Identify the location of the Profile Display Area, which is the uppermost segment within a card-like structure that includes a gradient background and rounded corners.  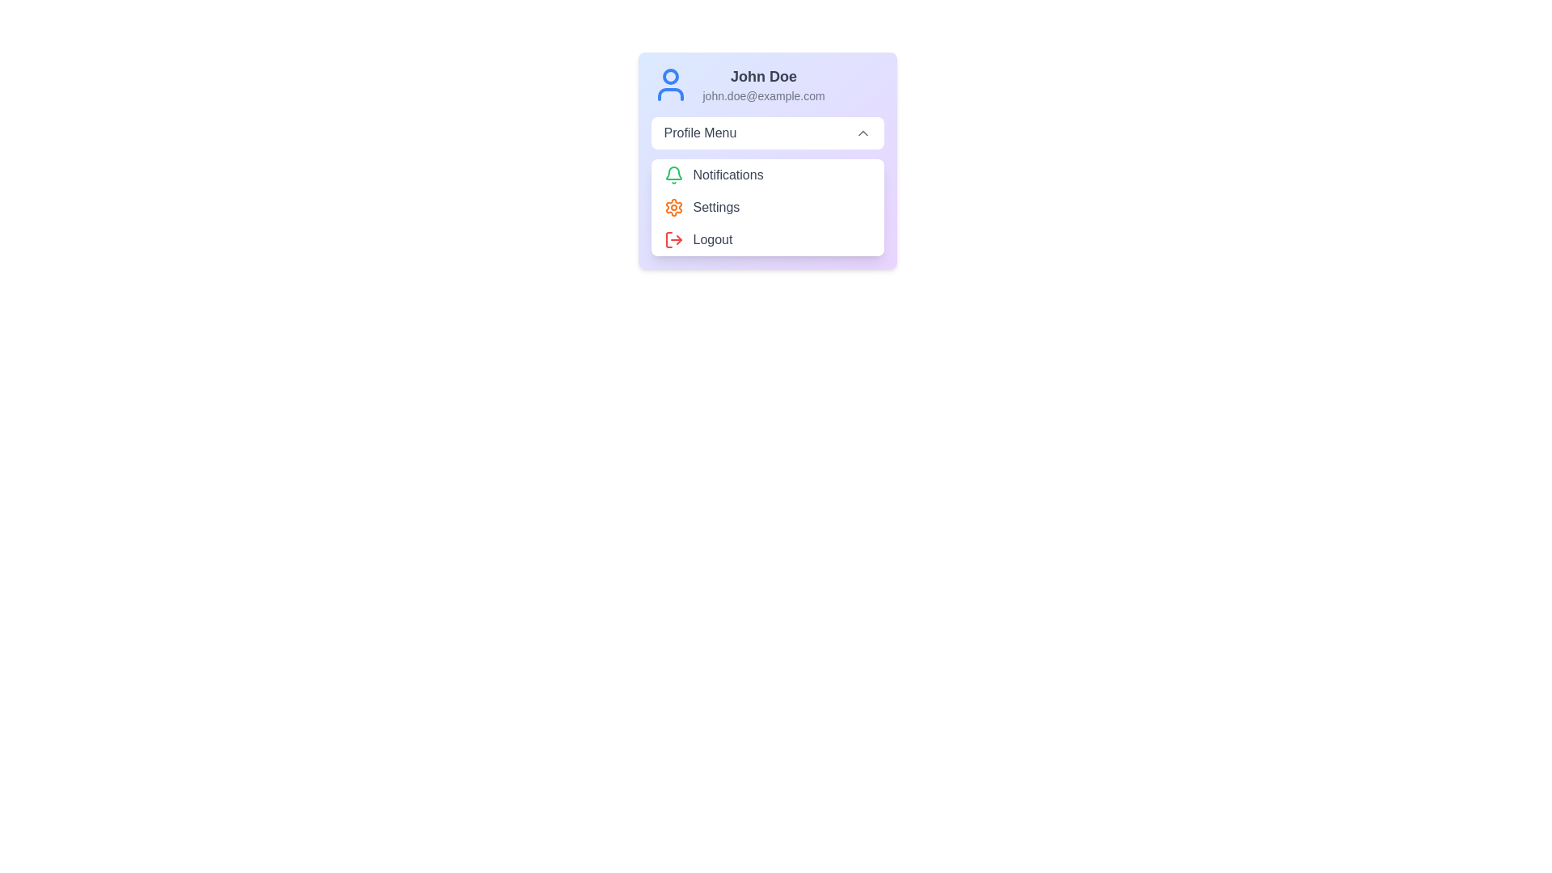
(766, 84).